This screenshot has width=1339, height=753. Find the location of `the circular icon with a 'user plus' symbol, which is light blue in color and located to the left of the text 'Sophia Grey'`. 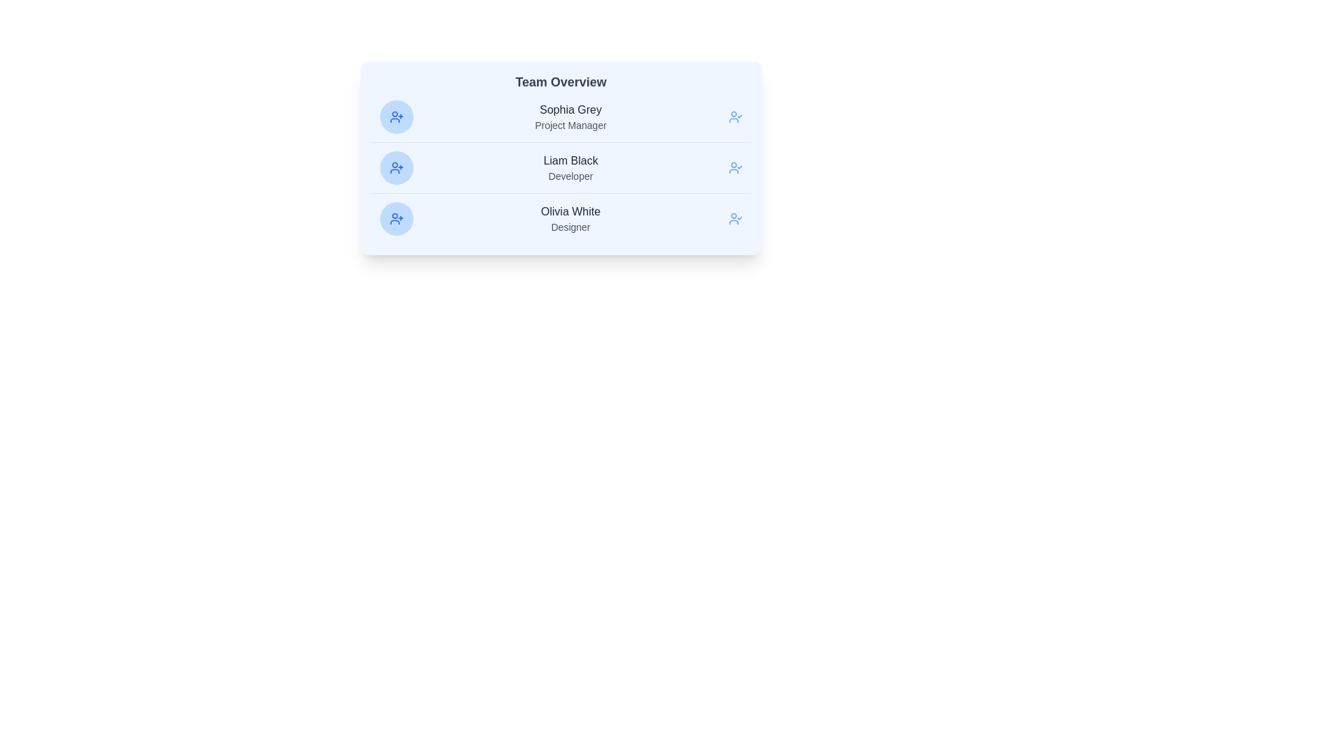

the circular icon with a 'user plus' symbol, which is light blue in color and located to the left of the text 'Sophia Grey' is located at coordinates (395, 116).